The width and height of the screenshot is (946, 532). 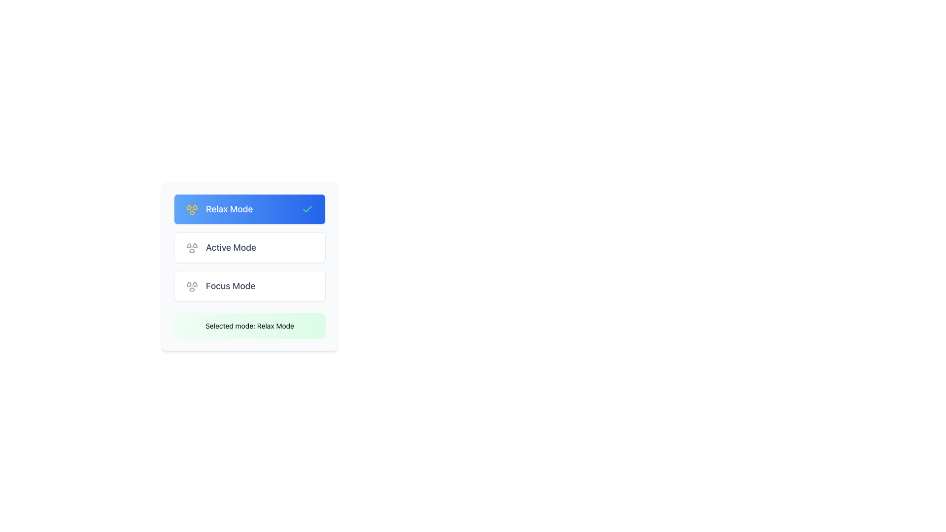 I want to click on the checkmark icon located at the center of the SVG icon in the top left corner of the blue background section labeled 'Relax Mode', so click(x=307, y=208).